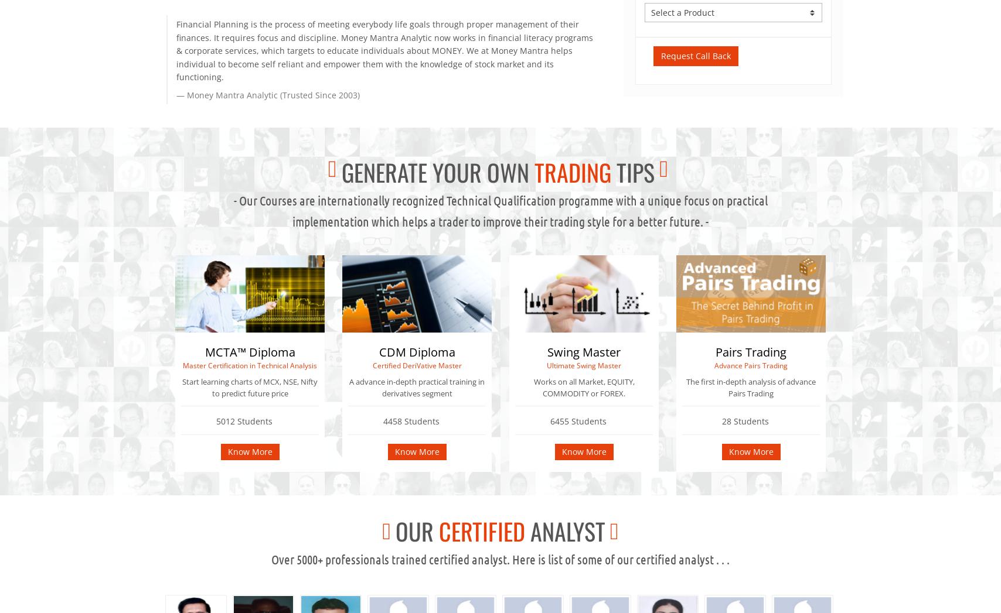  Describe the element at coordinates (250, 387) in the screenshot. I see `'Start learning charts of MCX, NSE, Nifty to predict future price'` at that location.